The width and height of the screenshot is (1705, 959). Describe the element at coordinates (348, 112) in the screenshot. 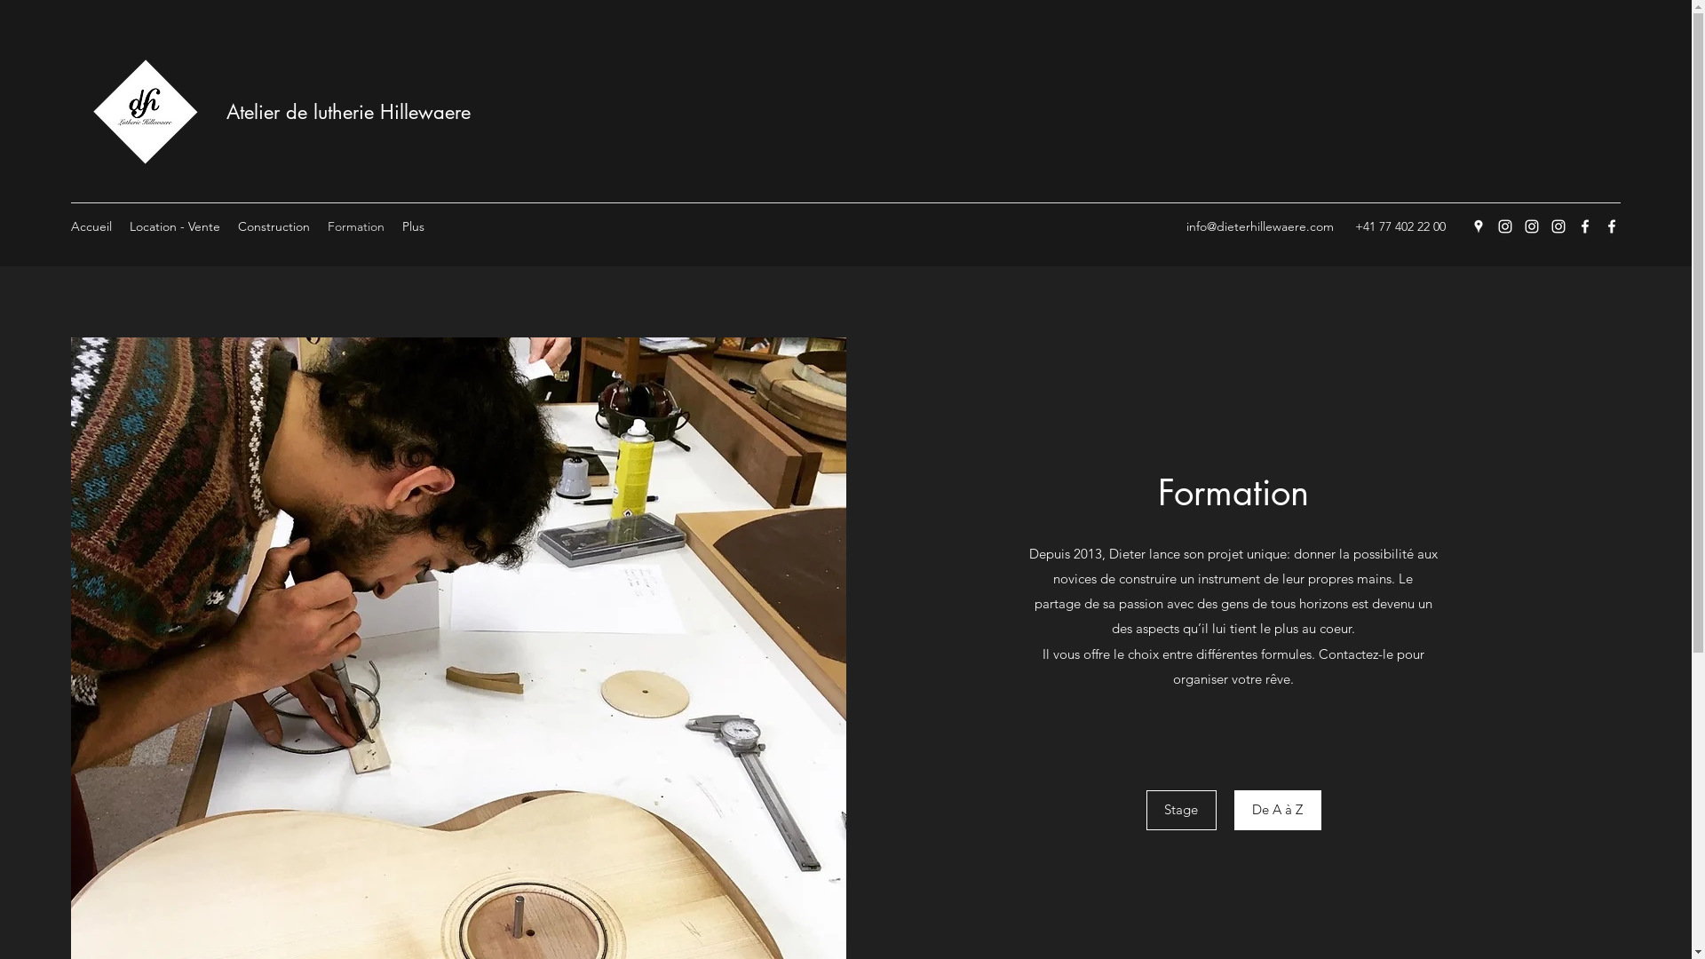

I see `'Atelier de lutherie Hillewaere'` at that location.